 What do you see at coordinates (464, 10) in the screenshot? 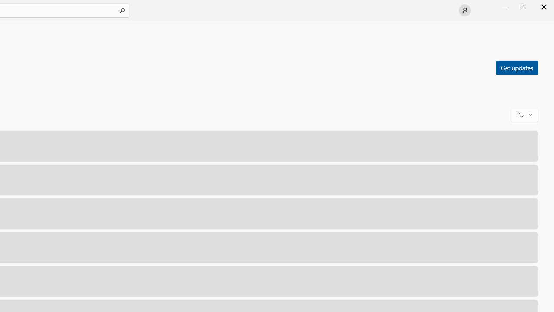
I see `'User profile'` at bounding box center [464, 10].